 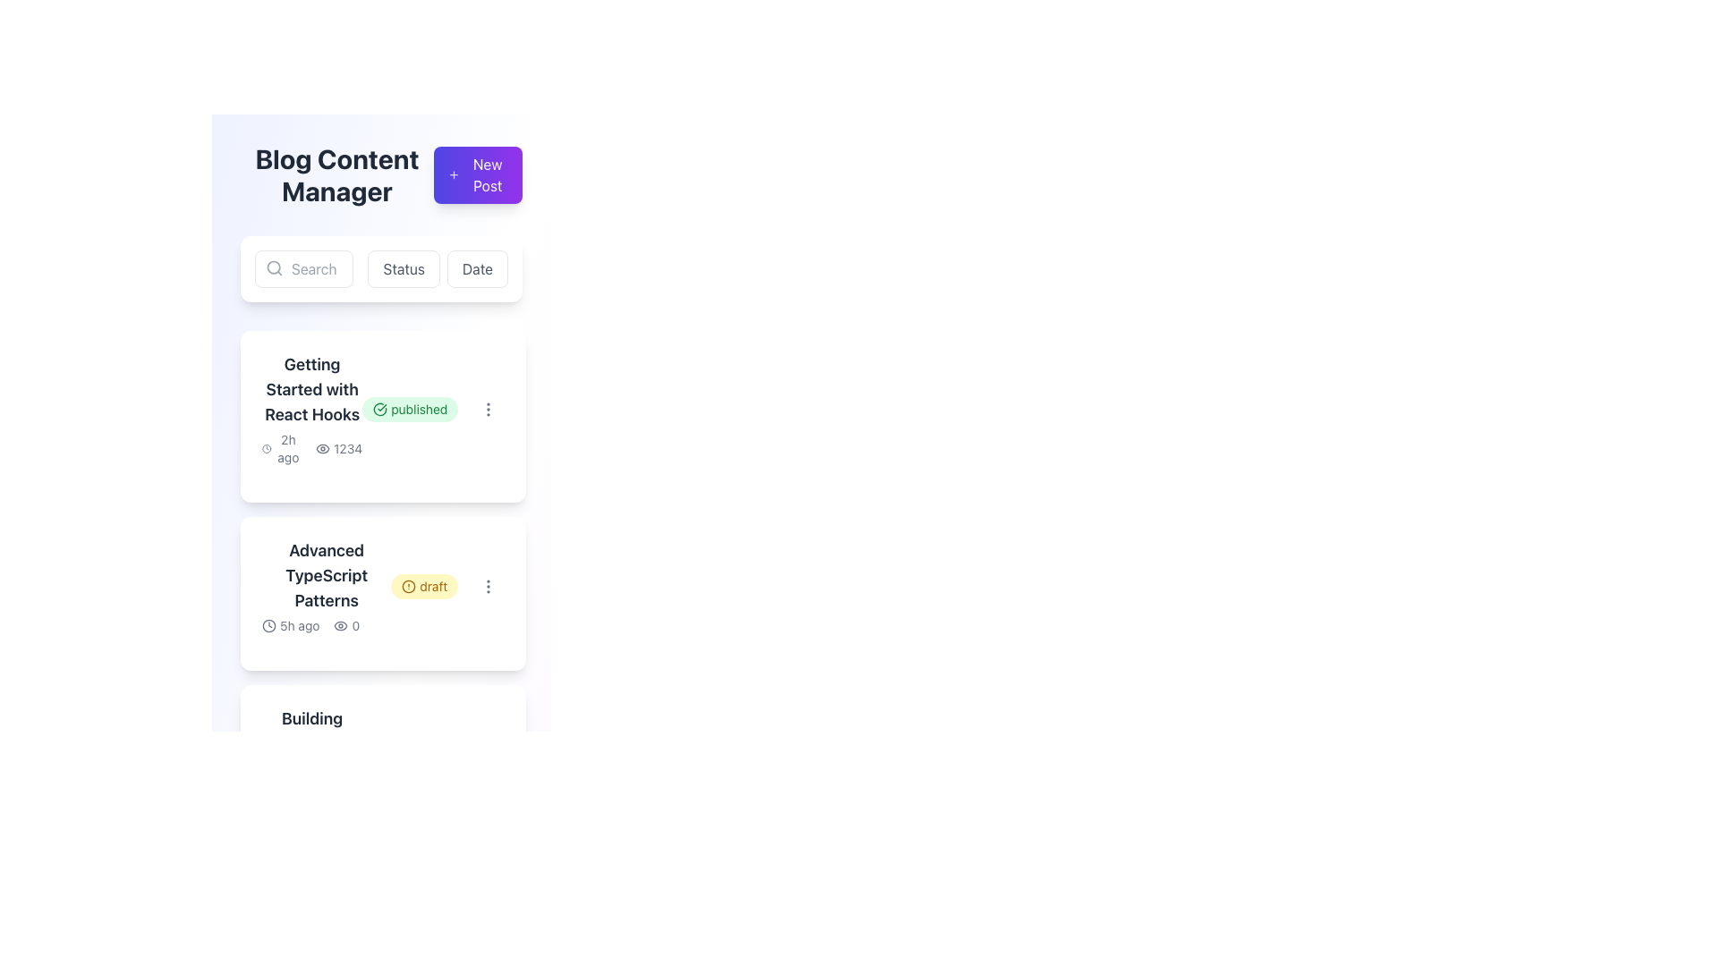 What do you see at coordinates (379, 410) in the screenshot?
I see `the 'published' icon located to the left of the 'published' label in the top-right section of the card for the post titled 'Getting Started with React Hooks'` at bounding box center [379, 410].